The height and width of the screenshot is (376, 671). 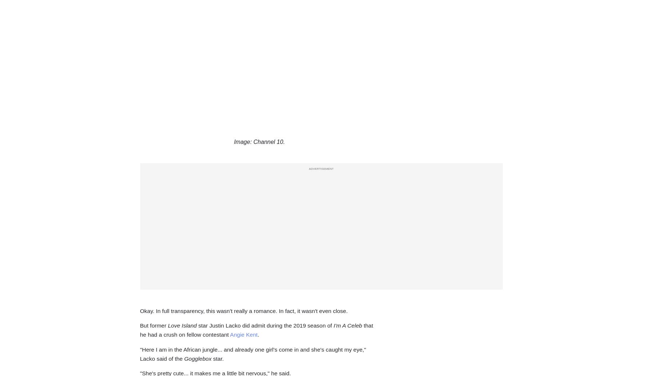 What do you see at coordinates (183, 325) in the screenshot?
I see `'Love Island'` at bounding box center [183, 325].